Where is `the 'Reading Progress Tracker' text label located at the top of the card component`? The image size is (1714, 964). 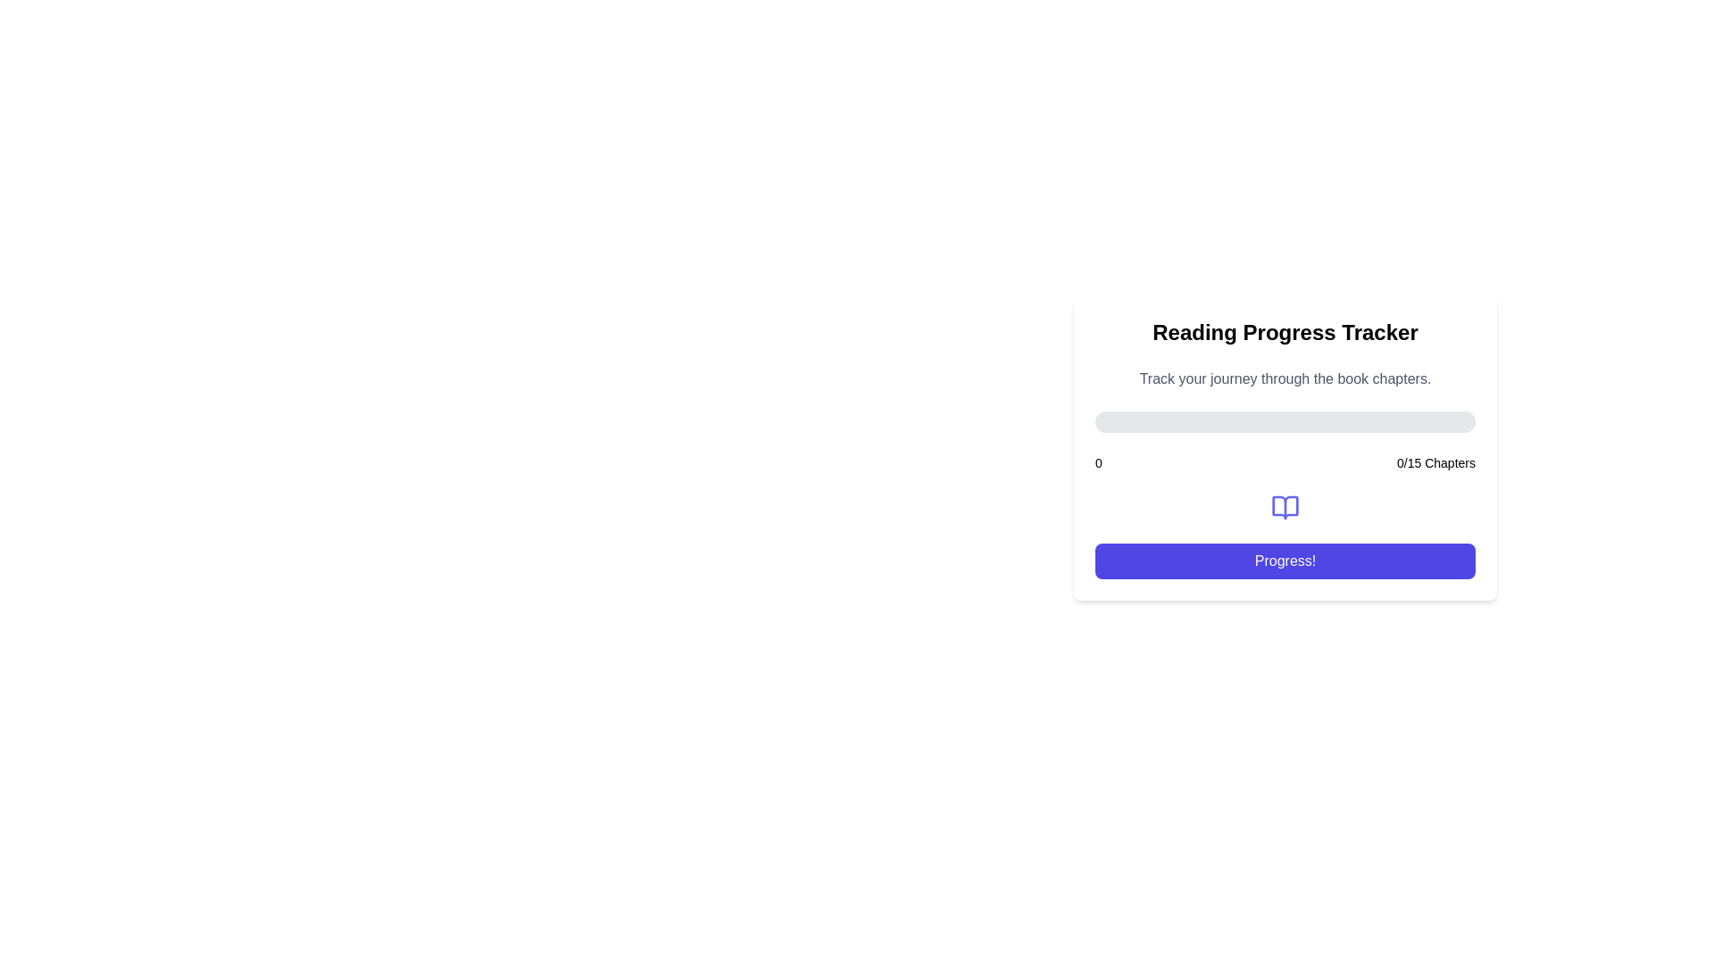 the 'Reading Progress Tracker' text label located at the top of the card component is located at coordinates (1285, 333).